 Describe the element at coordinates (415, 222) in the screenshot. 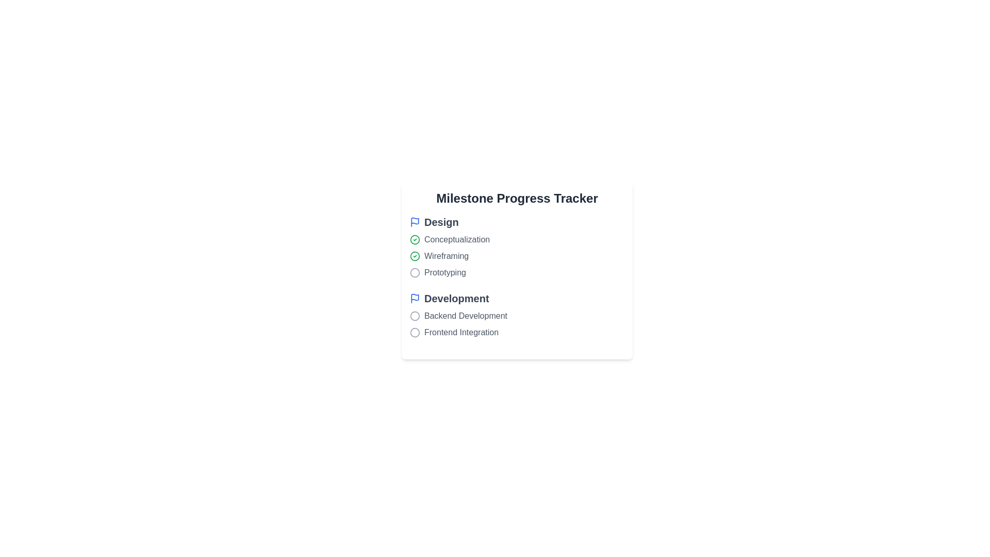

I see `the blue stroke flag icon with a wavy design located in the top-left corner of the 'Design' section, adjacent to the heading text 'Design'` at that location.